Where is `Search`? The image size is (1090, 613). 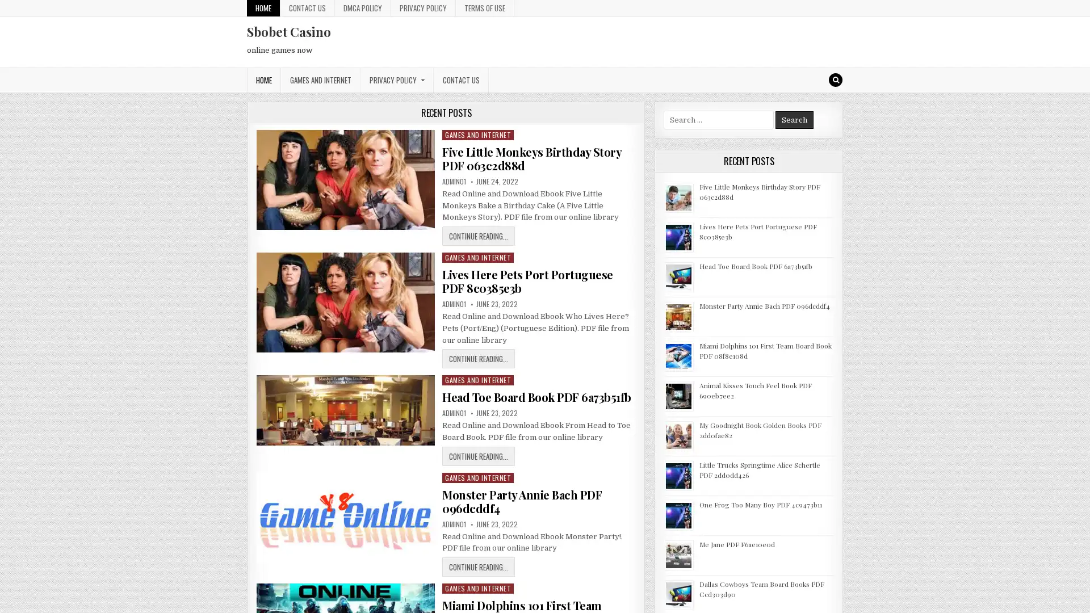
Search is located at coordinates (794, 120).